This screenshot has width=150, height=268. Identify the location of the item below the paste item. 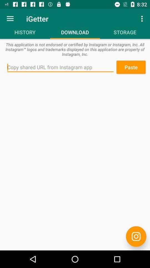
(136, 236).